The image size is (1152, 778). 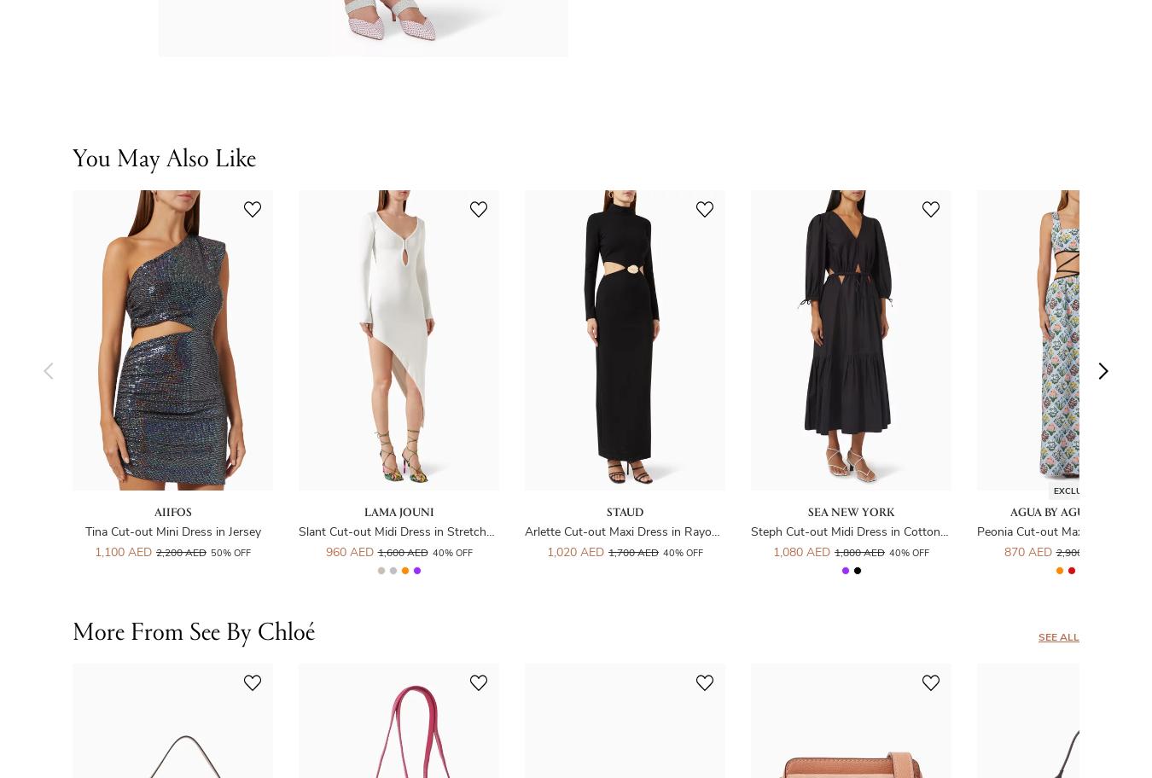 What do you see at coordinates (414, 531) in the screenshot?
I see `'Slant Cut-out Midi Dress in Stretch-viscose'` at bounding box center [414, 531].